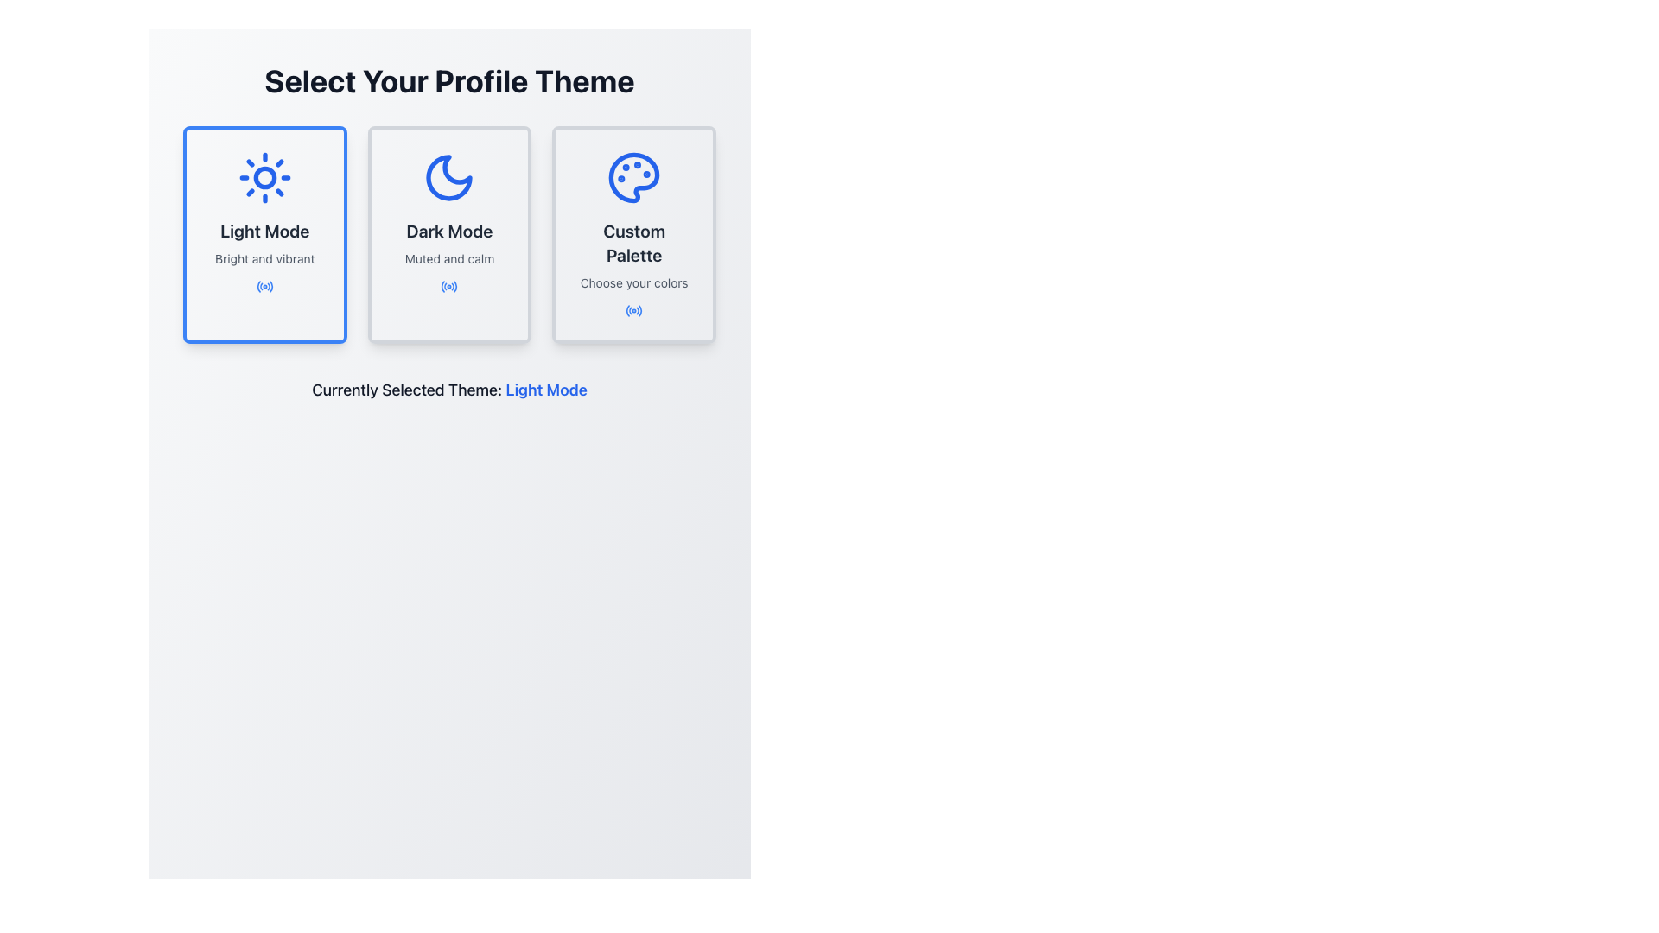 Image resolution: width=1659 pixels, height=933 pixels. I want to click on the crescent moon-shaped icon styled in blue, which is part of the 'Dark Mode' theme card, located centrally in the row of available themes, so click(449, 177).